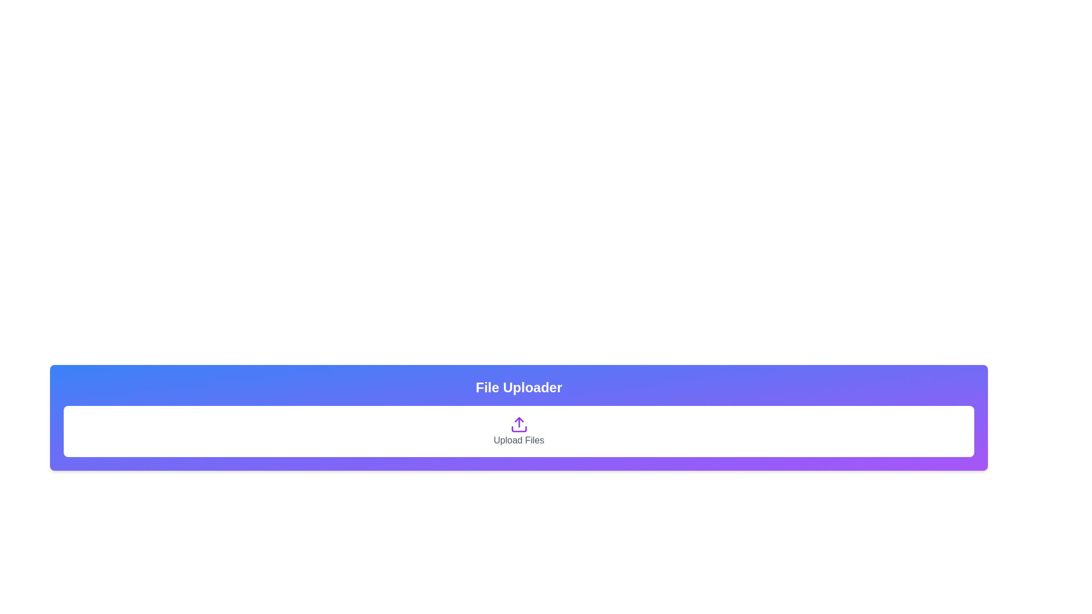 The width and height of the screenshot is (1092, 614). What do you see at coordinates (518, 440) in the screenshot?
I see `the 'Upload Files' text label which indicates the purpose of the adjacent upload button` at bounding box center [518, 440].